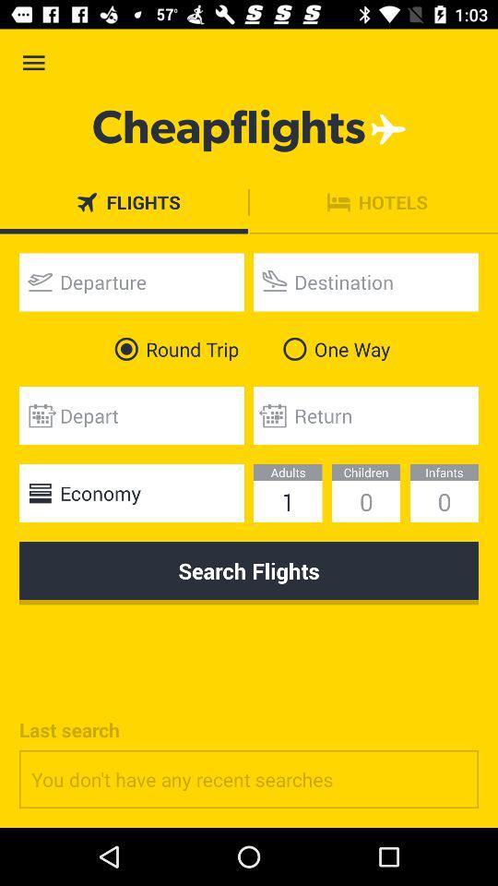  Describe the element at coordinates (249, 572) in the screenshot. I see `the search flights icon` at that location.